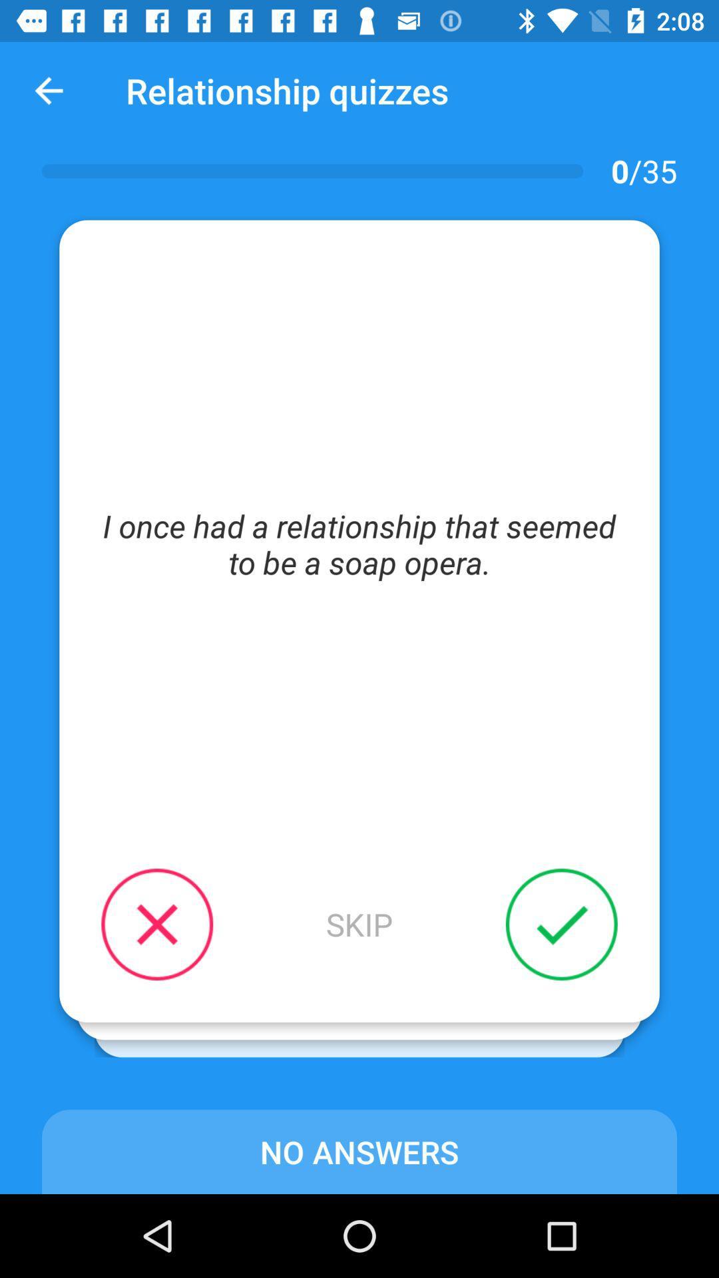  What do you see at coordinates (156, 923) in the screenshot?
I see `the close icon` at bounding box center [156, 923].